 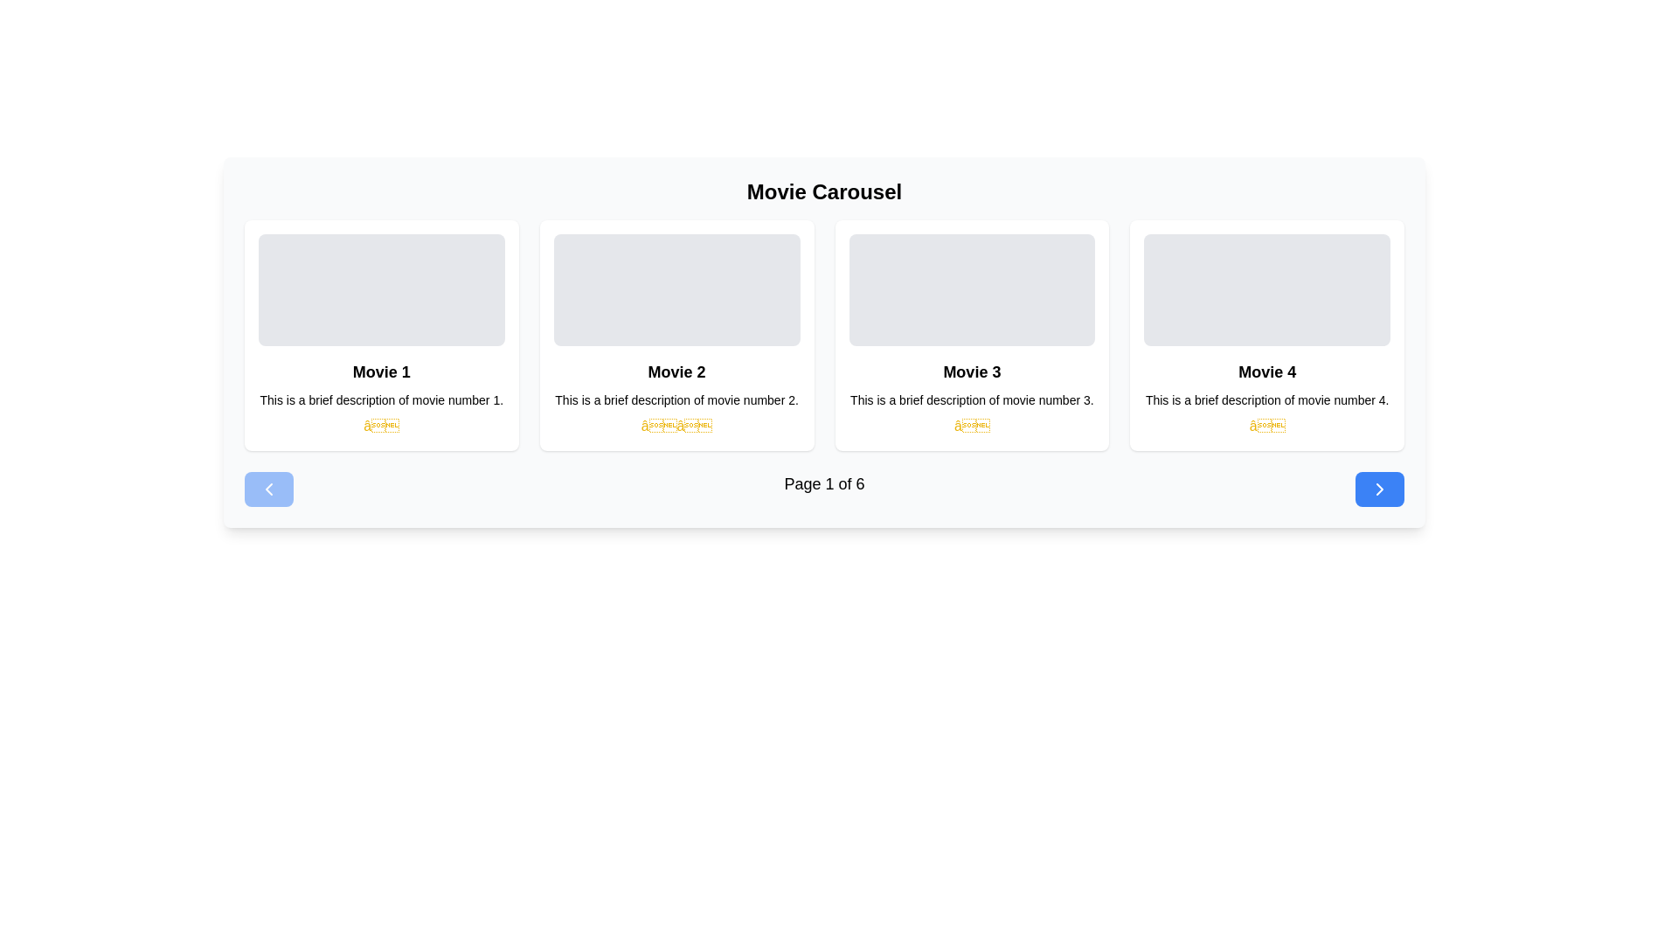 What do you see at coordinates (380, 400) in the screenshot?
I see `text content of the Text label that provides a brief description of the movie featured in the associated card, located beneath the title 'Movie 1' and above the star rating element` at bounding box center [380, 400].